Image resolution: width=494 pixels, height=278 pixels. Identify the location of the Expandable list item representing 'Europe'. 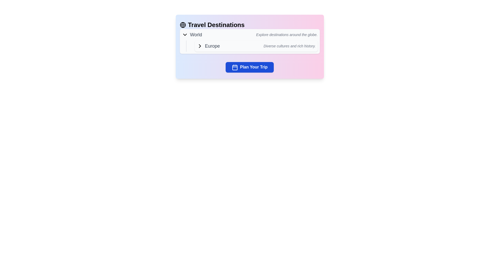
(252, 46).